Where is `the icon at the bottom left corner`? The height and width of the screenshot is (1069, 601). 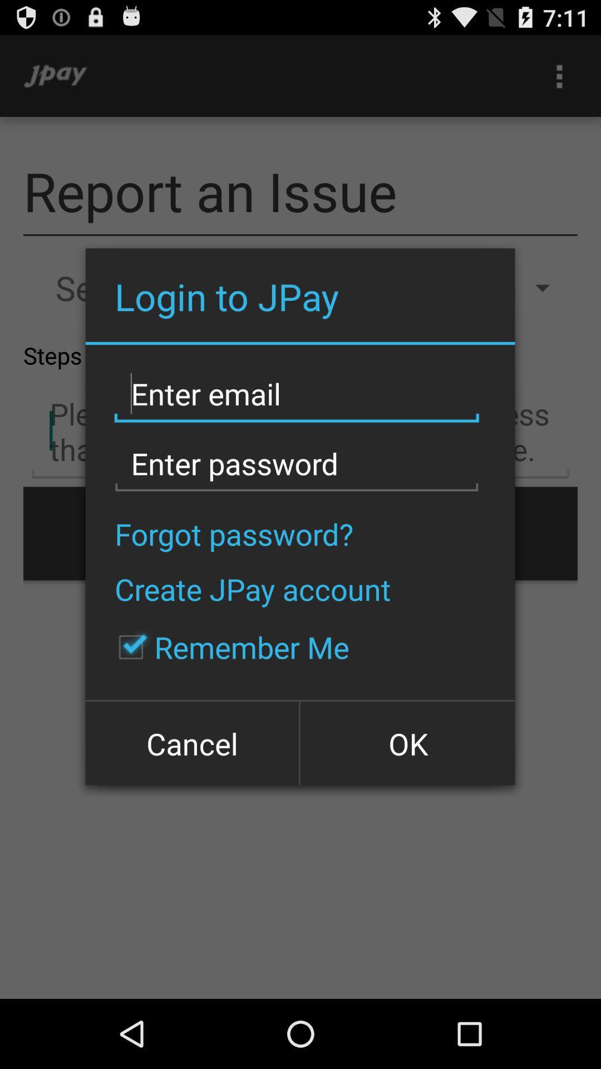
the icon at the bottom left corner is located at coordinates (193, 742).